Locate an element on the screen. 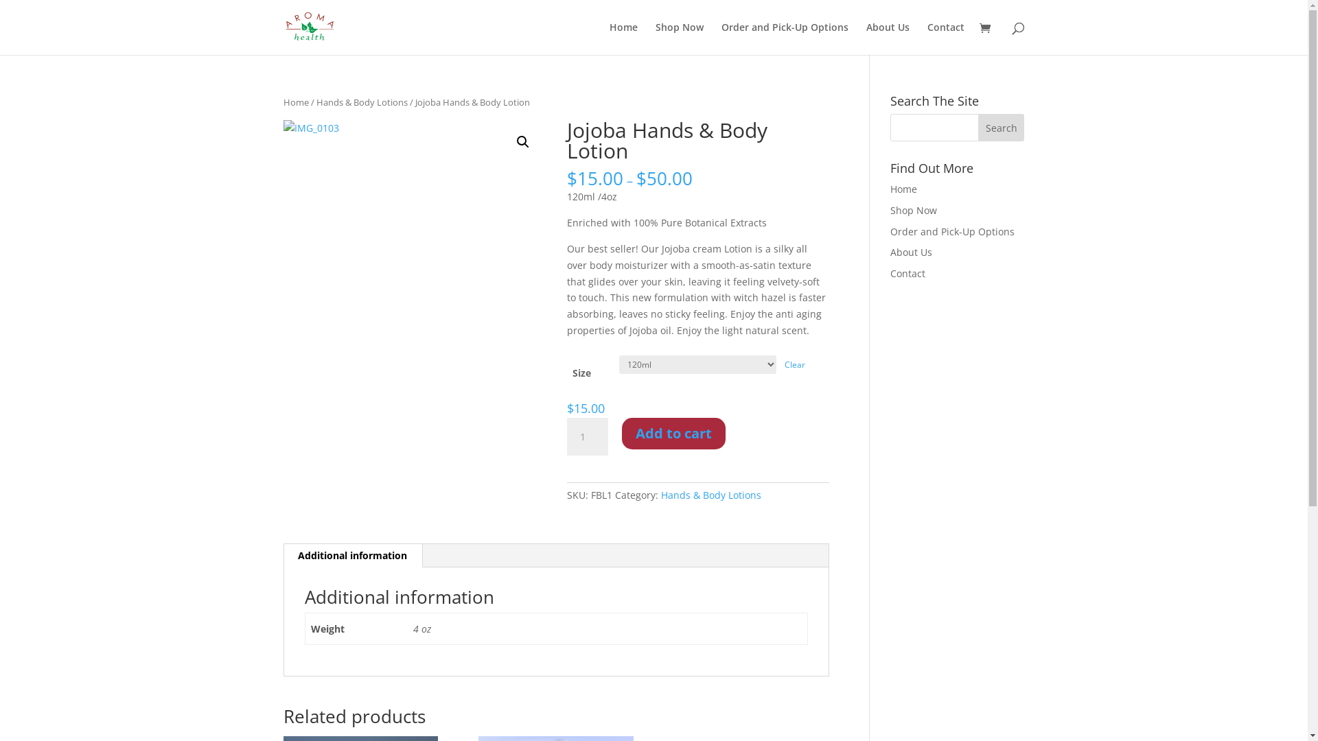 This screenshot has width=1318, height=741. 'Search' is located at coordinates (1002, 127).